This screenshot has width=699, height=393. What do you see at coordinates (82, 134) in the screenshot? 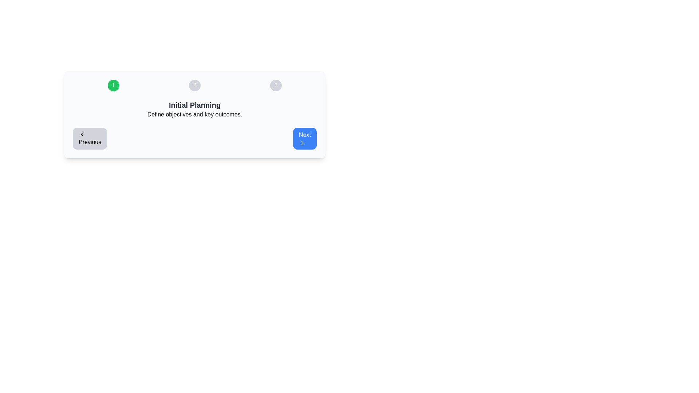
I see `the left-pointing chevron icon that indicates a navigation action to move backward, located at the center of the card labeled 'Previous'` at bounding box center [82, 134].